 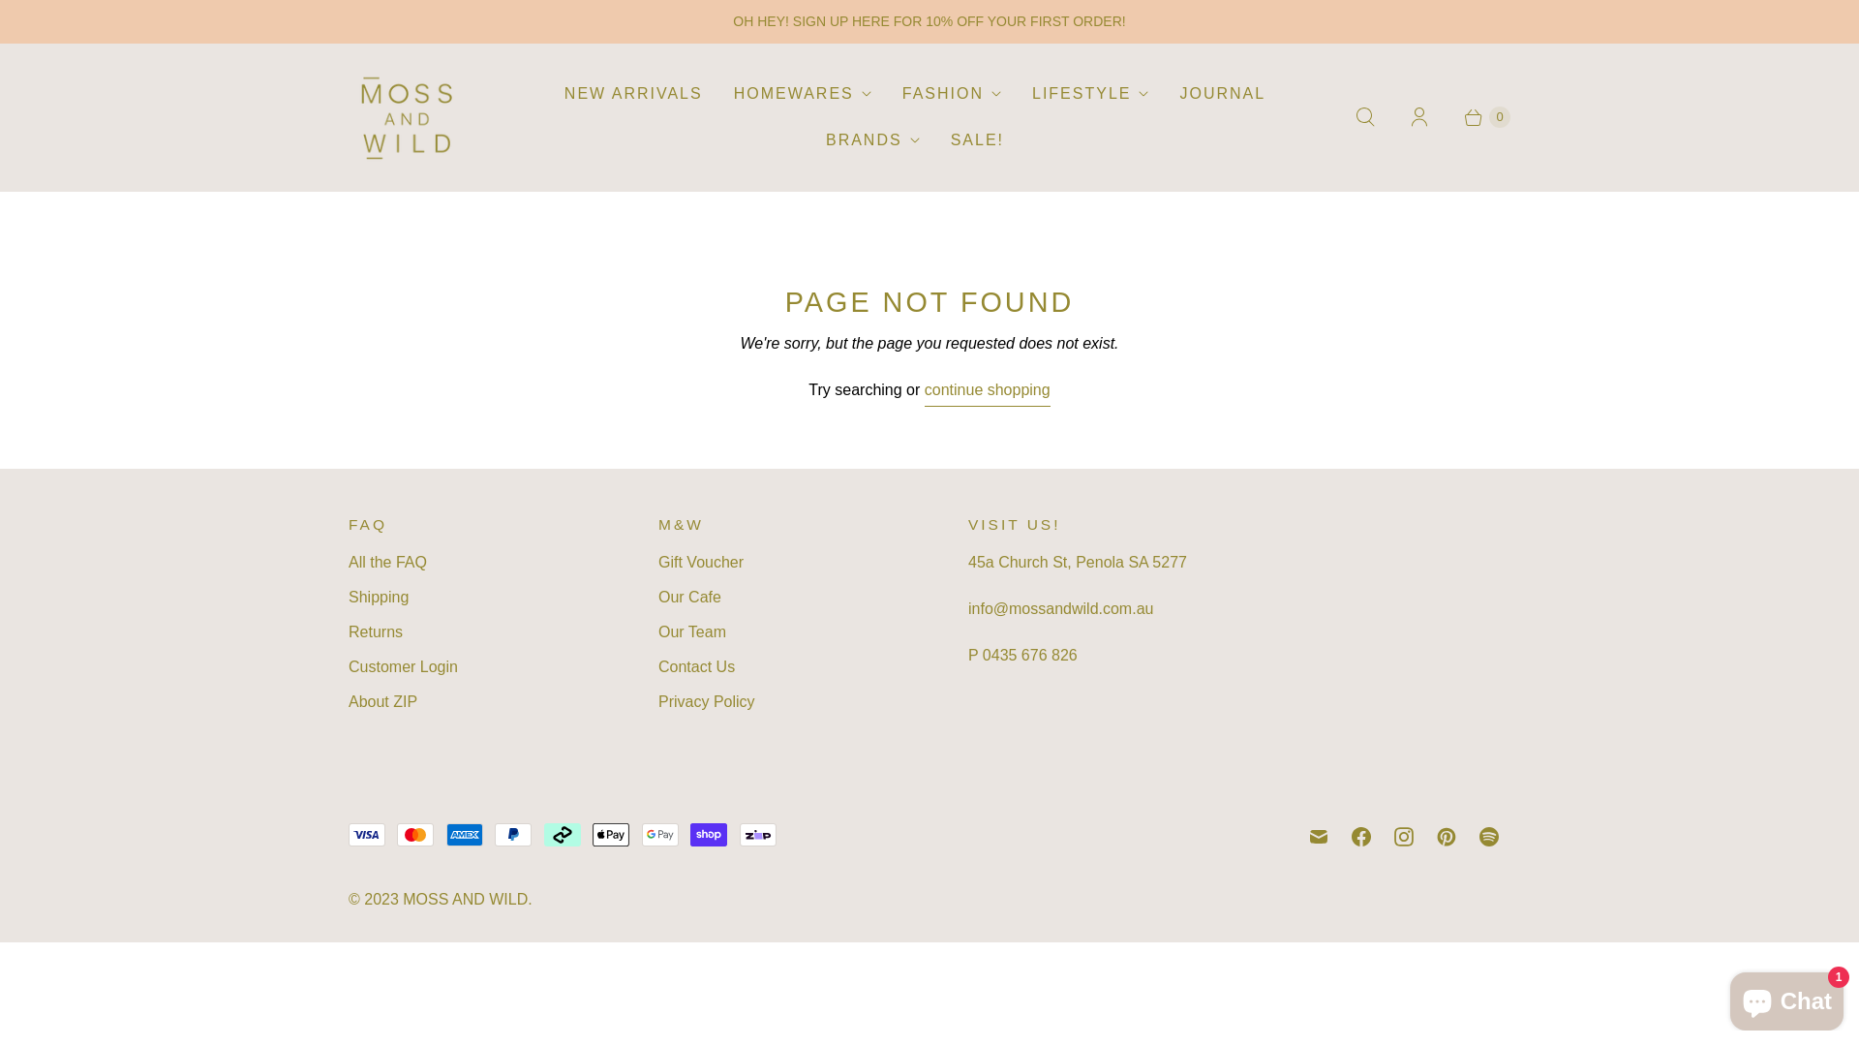 I want to click on 'Our Cafe', so click(x=689, y=596).